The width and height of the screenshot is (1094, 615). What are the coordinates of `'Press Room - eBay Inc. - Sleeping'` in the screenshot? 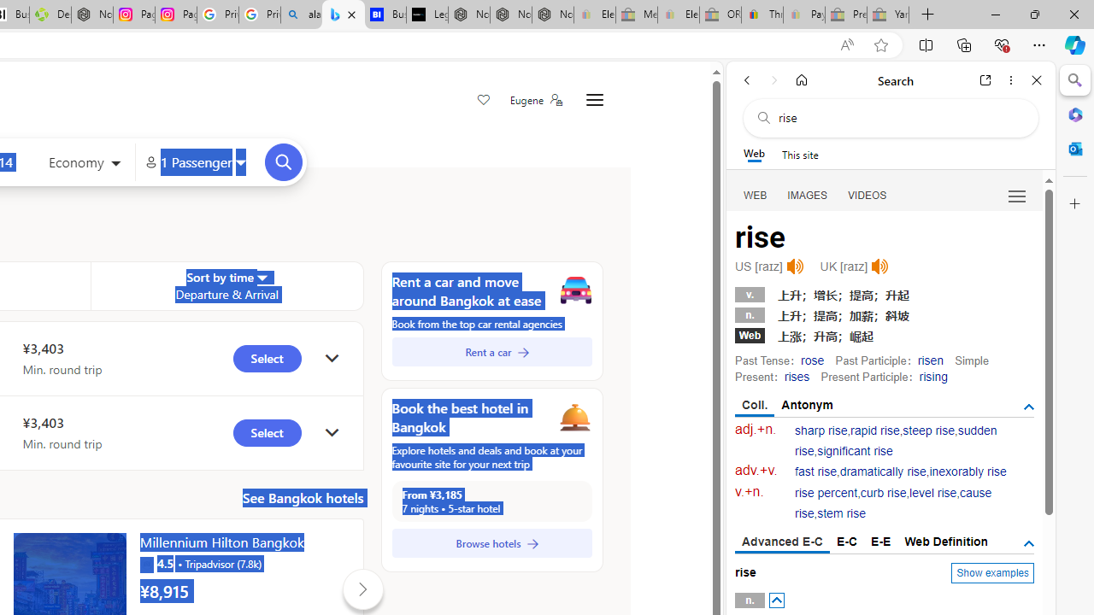 It's located at (846, 15).